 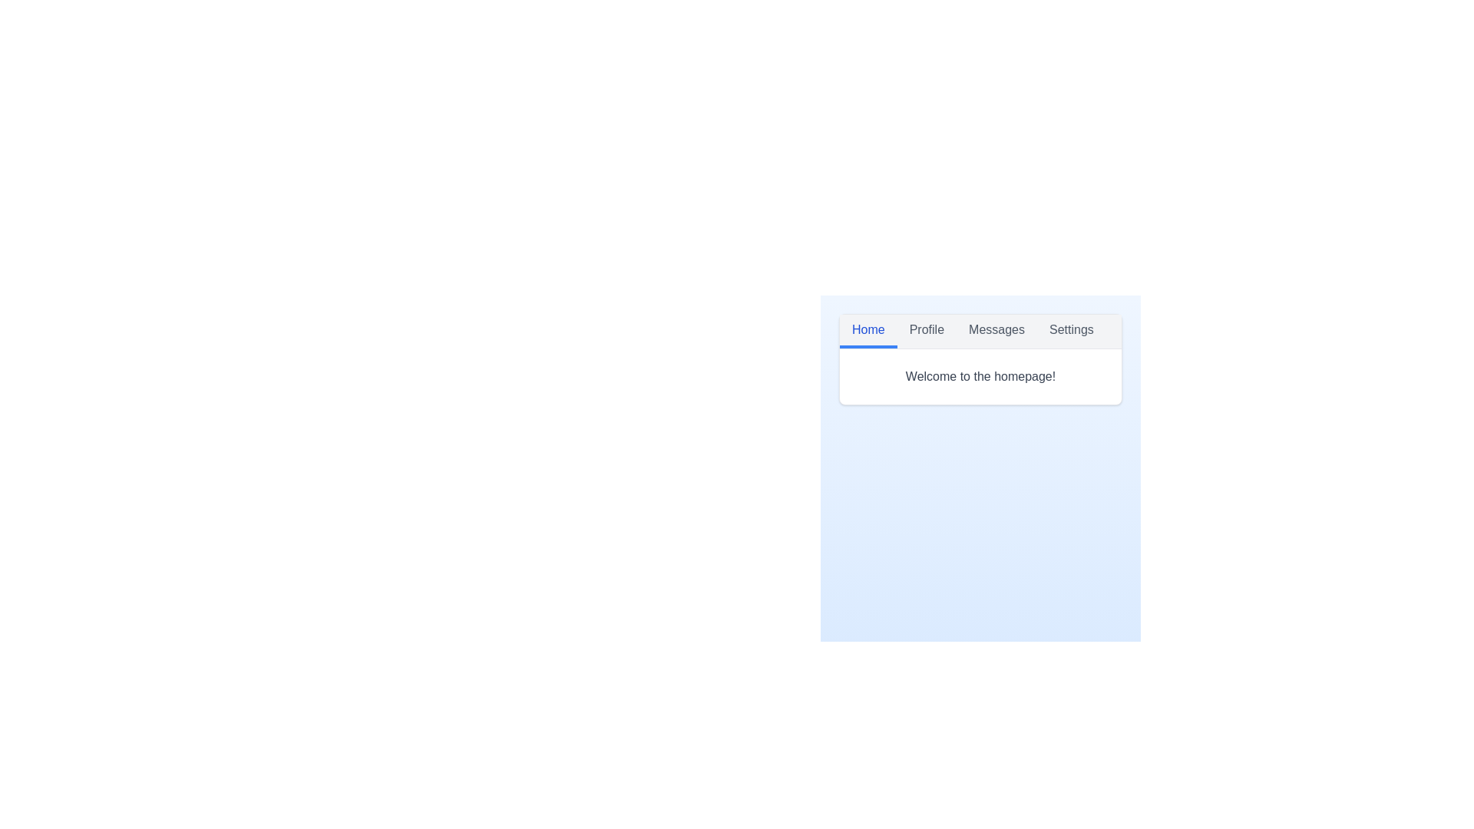 I want to click on the 'Profile' navigation item, so click(x=926, y=331).